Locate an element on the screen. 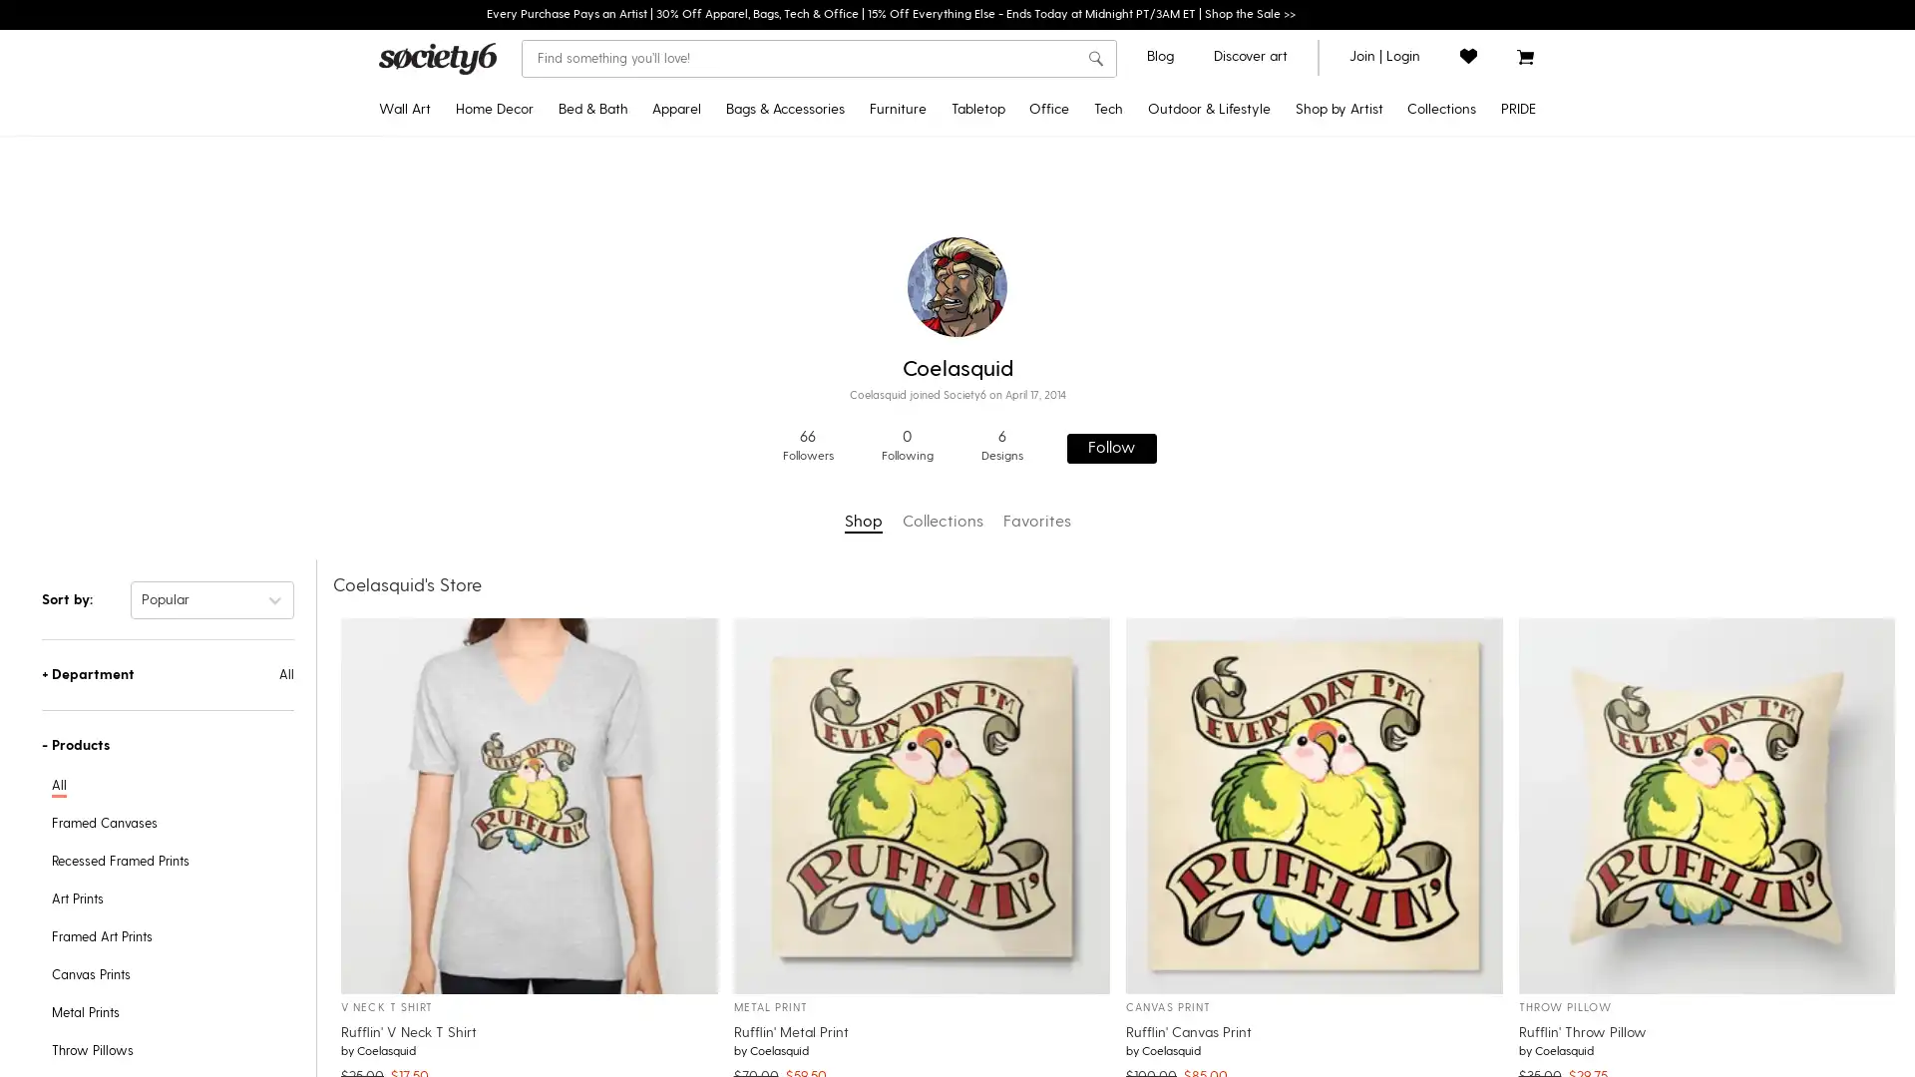 Image resolution: width=1915 pixels, height=1077 pixels. Travel Mugs is located at coordinates (1014, 191).